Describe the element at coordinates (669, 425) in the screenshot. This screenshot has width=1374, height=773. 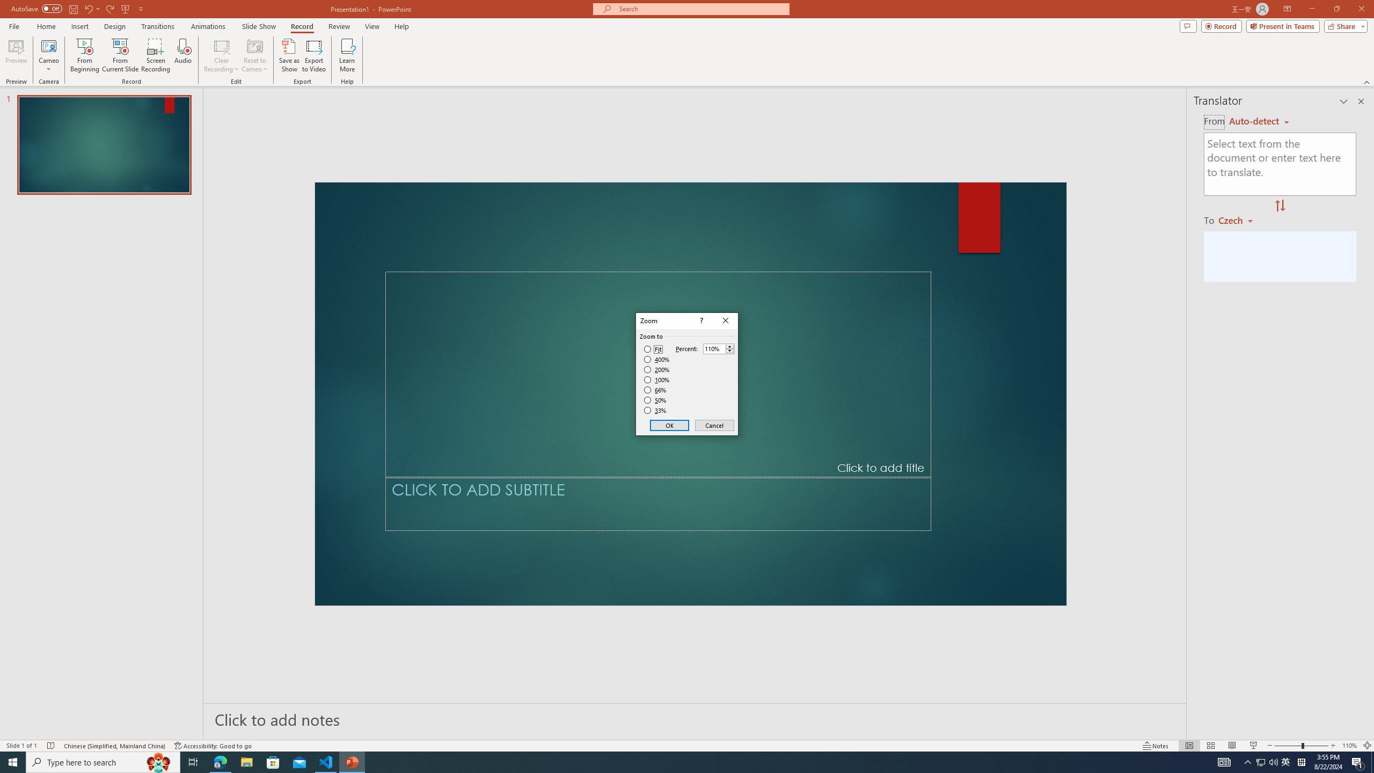
I see `'OK'` at that location.